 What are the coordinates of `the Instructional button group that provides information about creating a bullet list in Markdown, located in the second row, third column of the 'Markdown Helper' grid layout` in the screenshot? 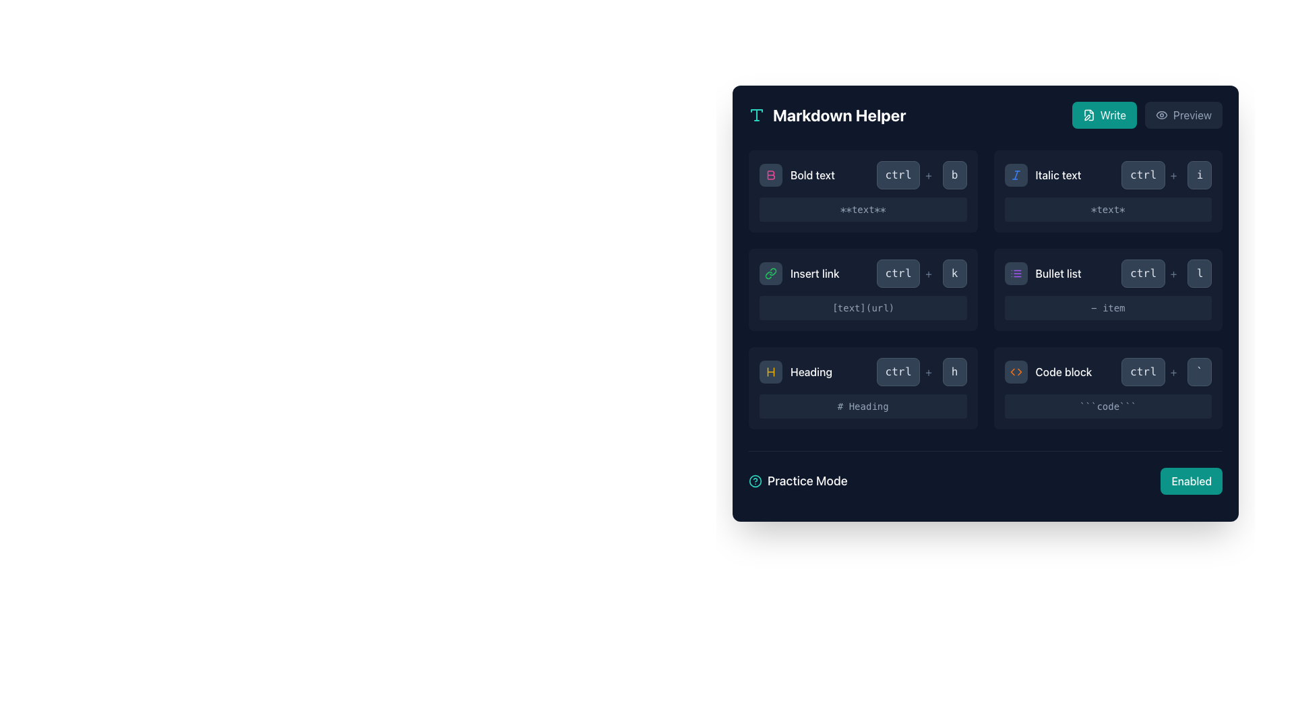 It's located at (1108, 273).